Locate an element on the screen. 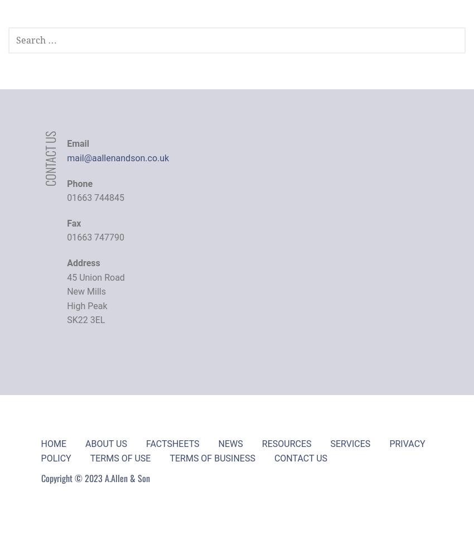 The image size is (474, 558). 'Home' is located at coordinates (52, 443).